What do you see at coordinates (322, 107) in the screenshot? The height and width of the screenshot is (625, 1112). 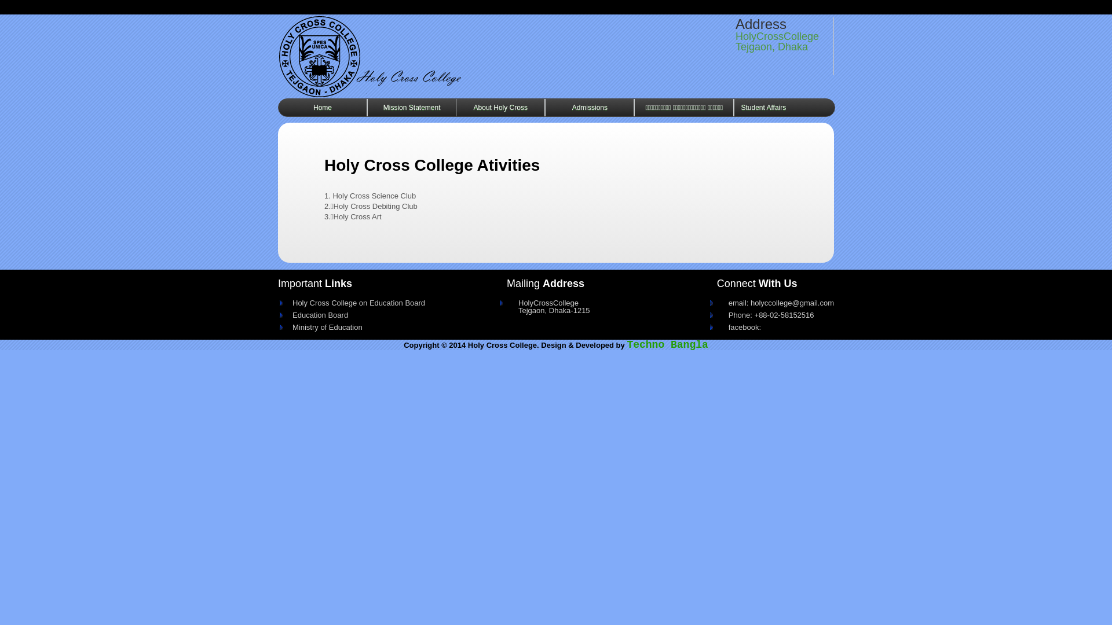 I see `'Home'` at bounding box center [322, 107].